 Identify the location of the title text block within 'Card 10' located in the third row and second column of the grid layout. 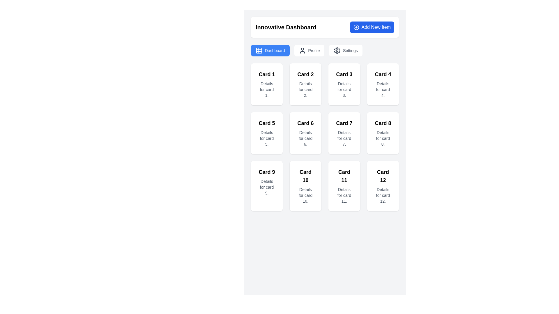
(305, 176).